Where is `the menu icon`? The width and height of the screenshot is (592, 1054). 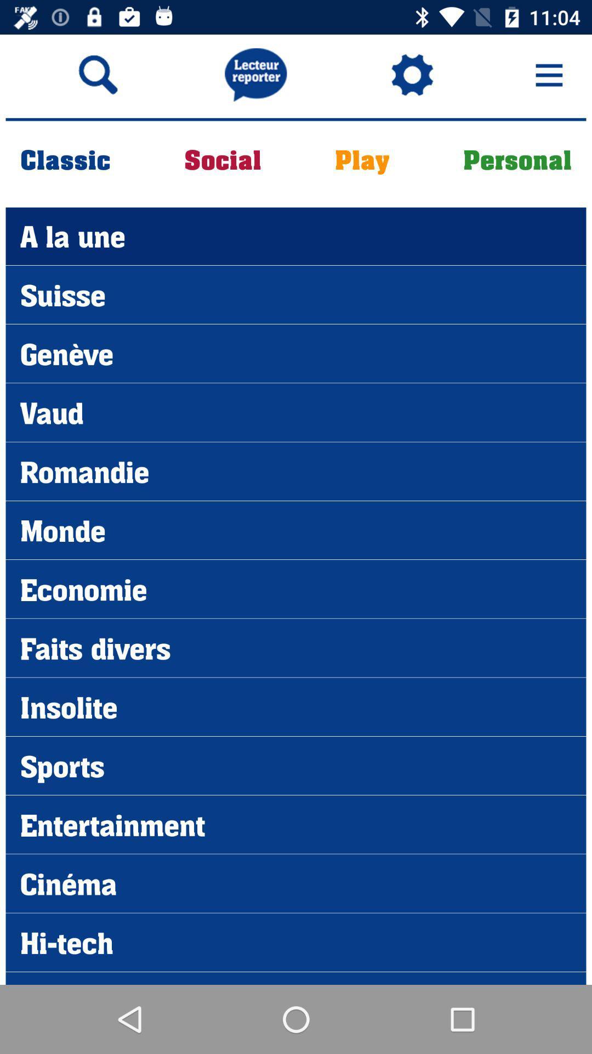 the menu icon is located at coordinates (549, 68).